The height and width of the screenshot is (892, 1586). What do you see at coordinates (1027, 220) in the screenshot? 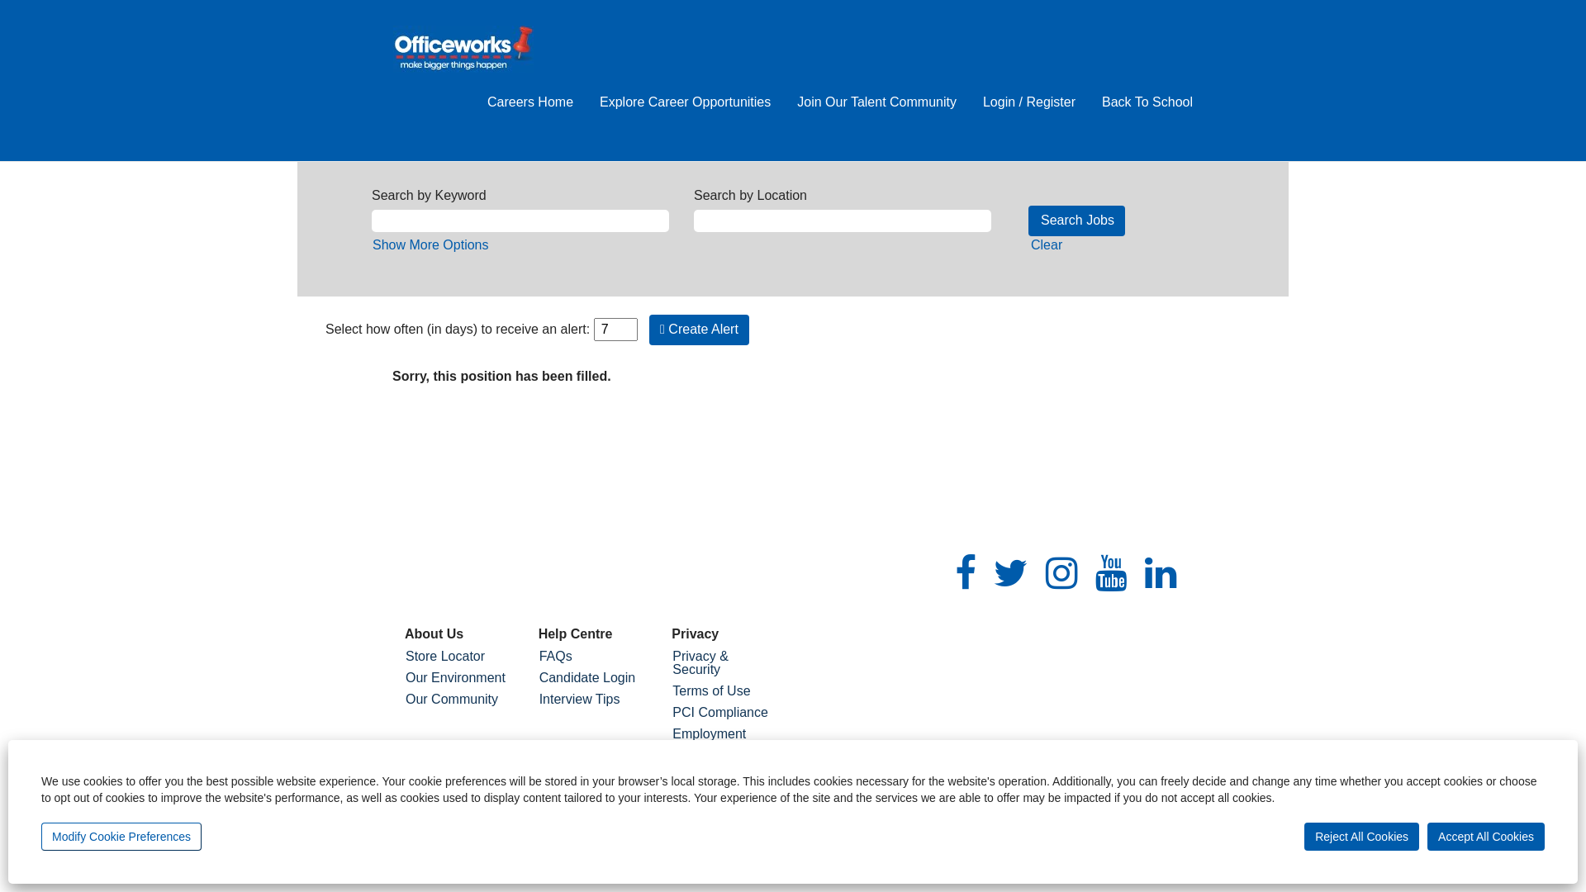
I see `'Search Jobs'` at bounding box center [1027, 220].